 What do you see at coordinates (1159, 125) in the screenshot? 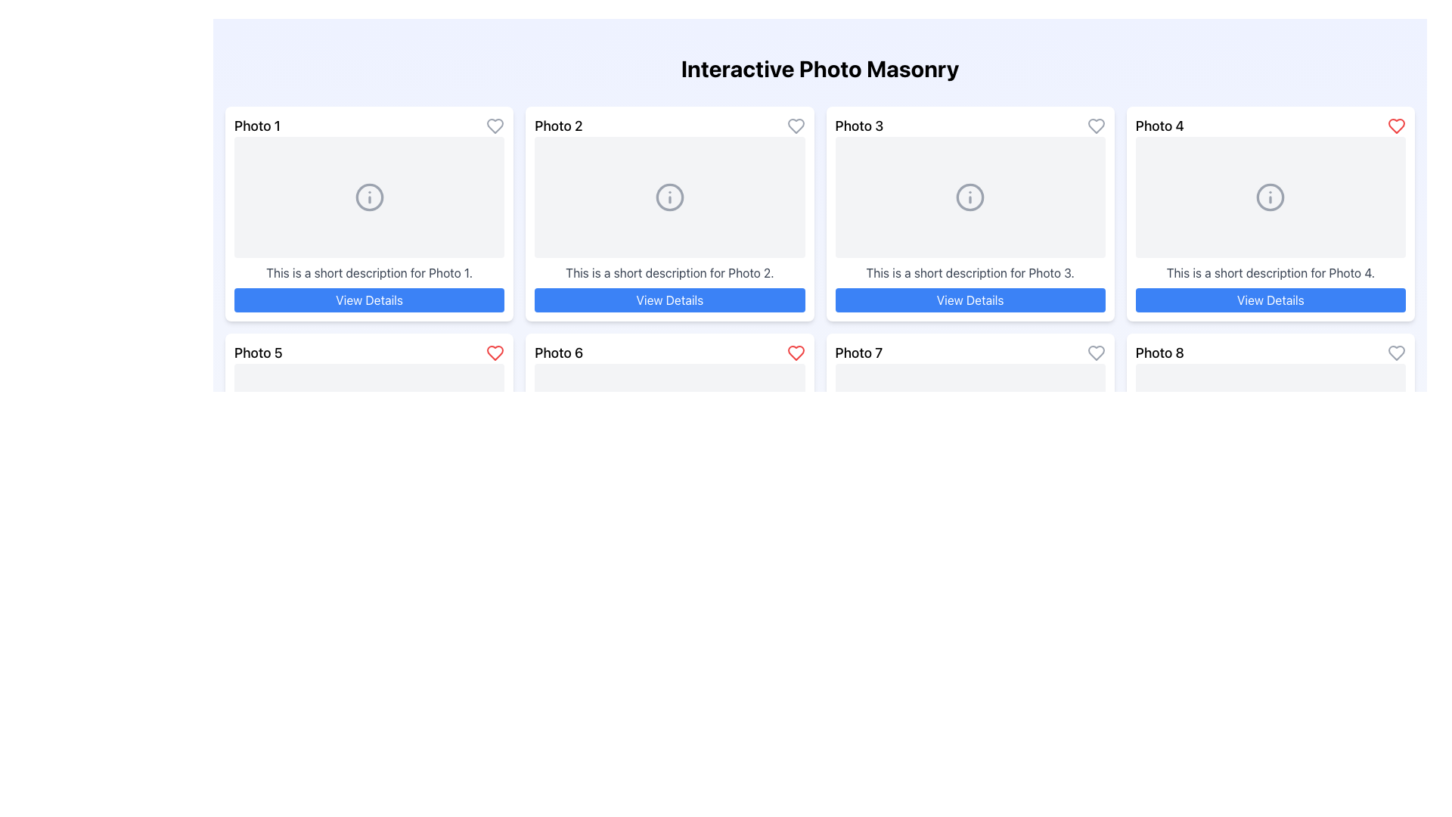
I see `the title label of the fourth photo card in the grid layout, which categorizes this card as 'Photo 4'` at bounding box center [1159, 125].